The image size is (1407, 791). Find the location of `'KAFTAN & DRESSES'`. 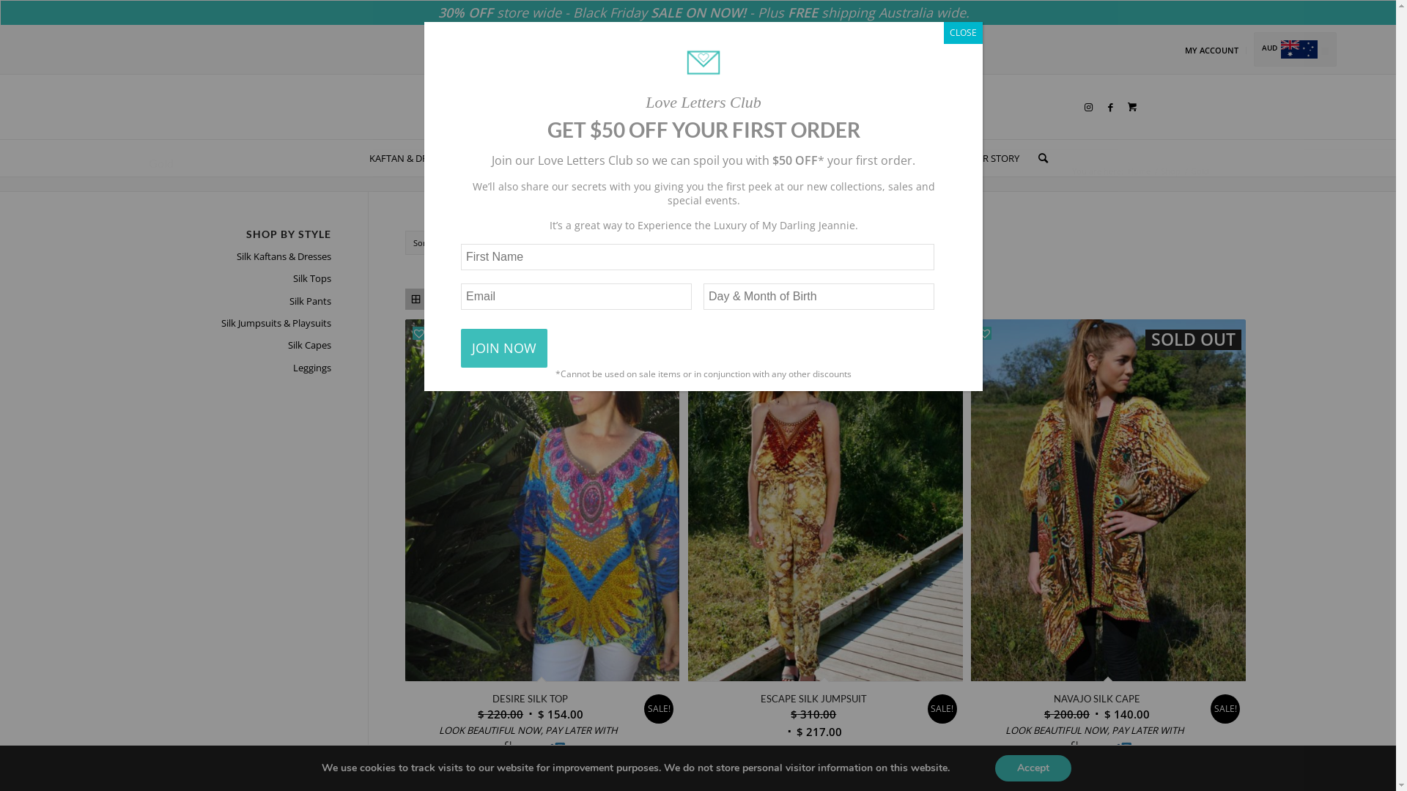

'KAFTAN & DRESSES' is located at coordinates (405, 158).